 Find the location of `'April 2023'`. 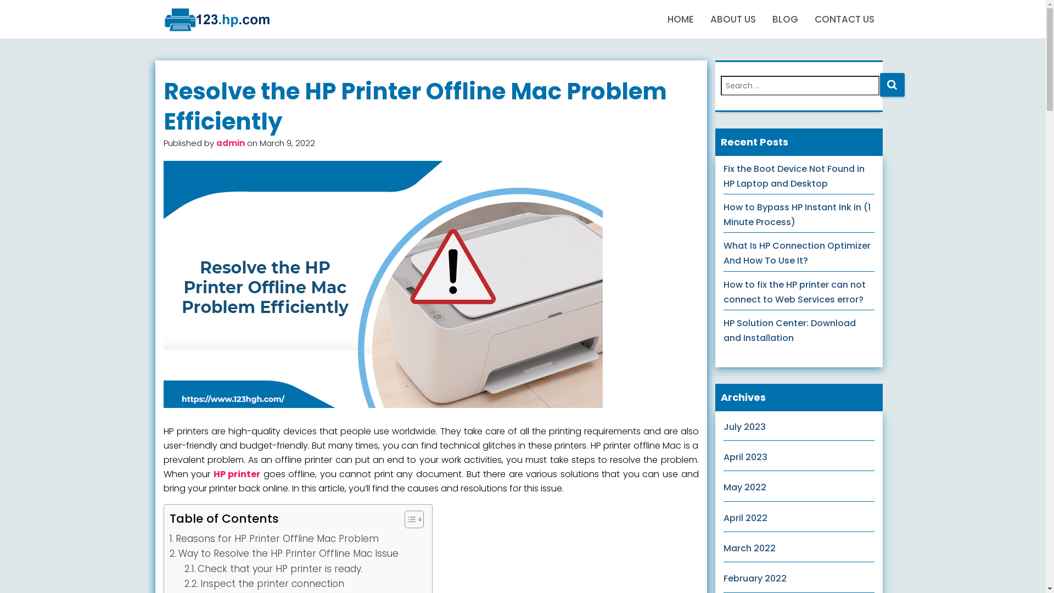

'April 2023' is located at coordinates (745, 457).